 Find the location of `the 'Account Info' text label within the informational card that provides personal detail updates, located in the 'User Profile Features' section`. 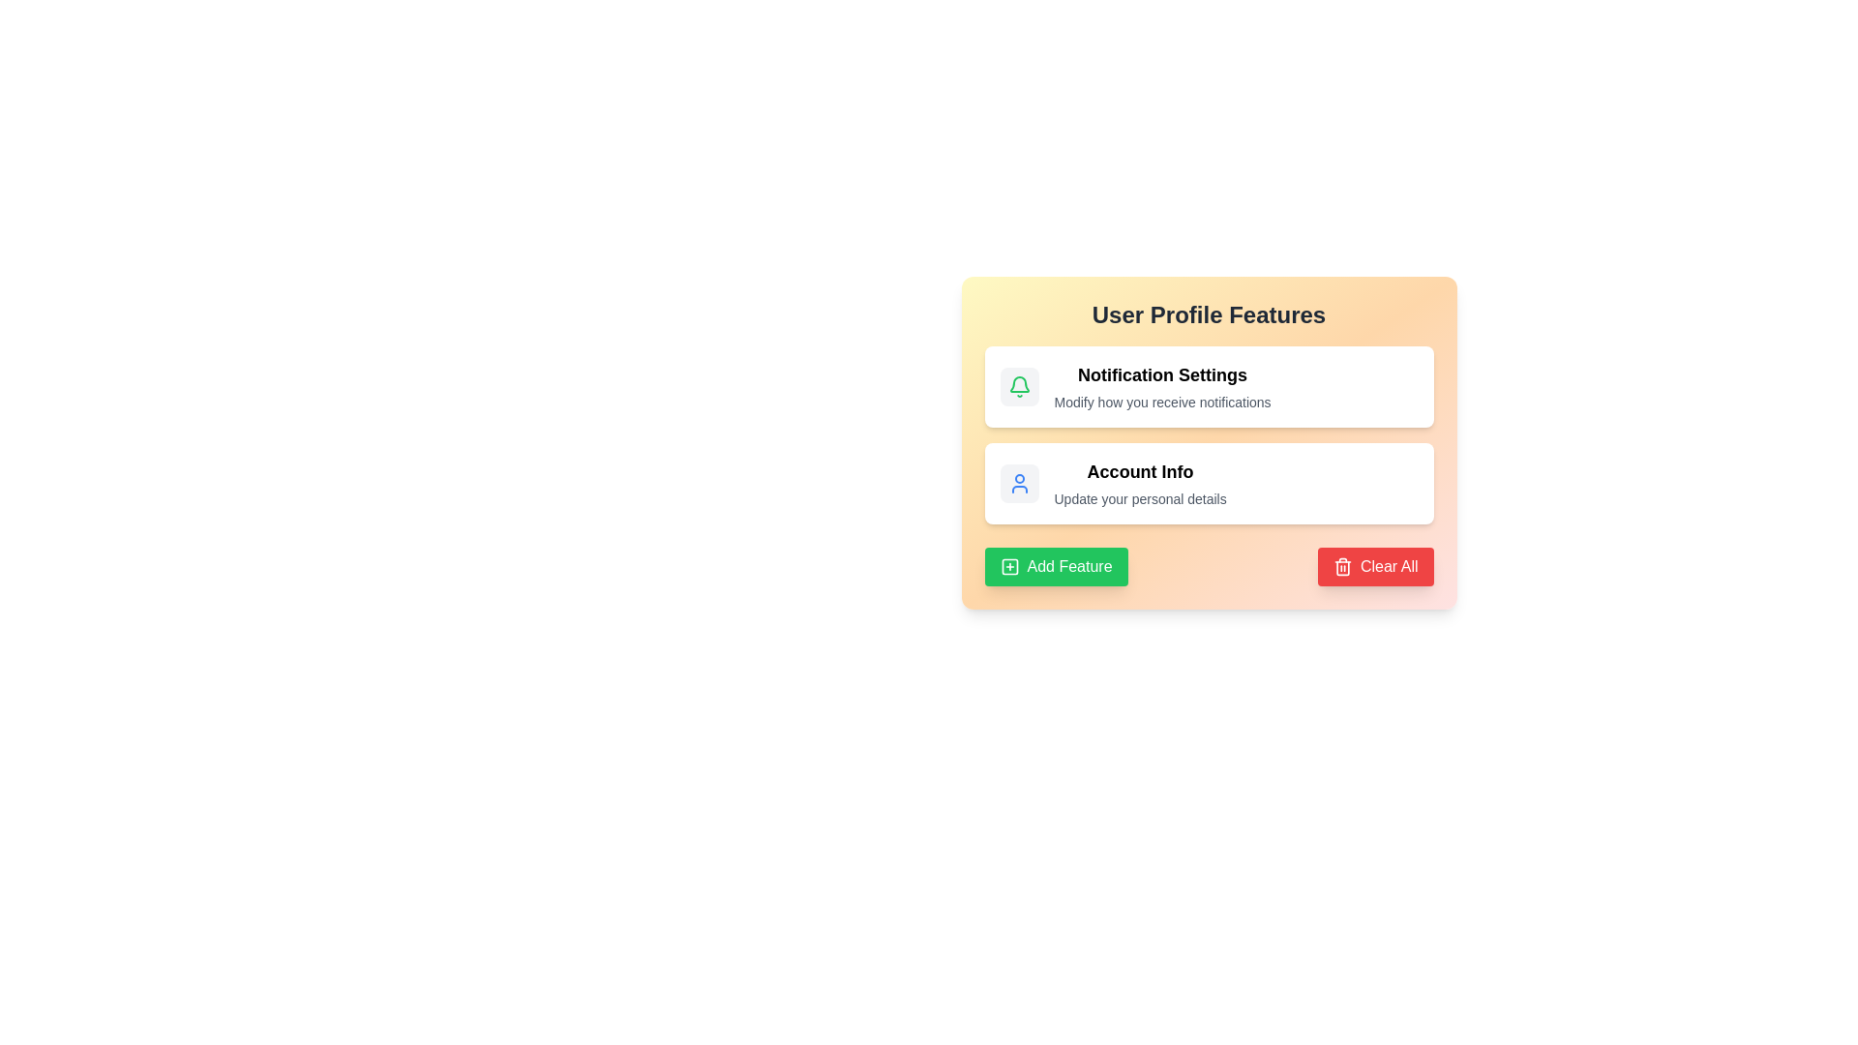

the 'Account Info' text label within the informational card that provides personal detail updates, located in the 'User Profile Features' section is located at coordinates (1139, 483).